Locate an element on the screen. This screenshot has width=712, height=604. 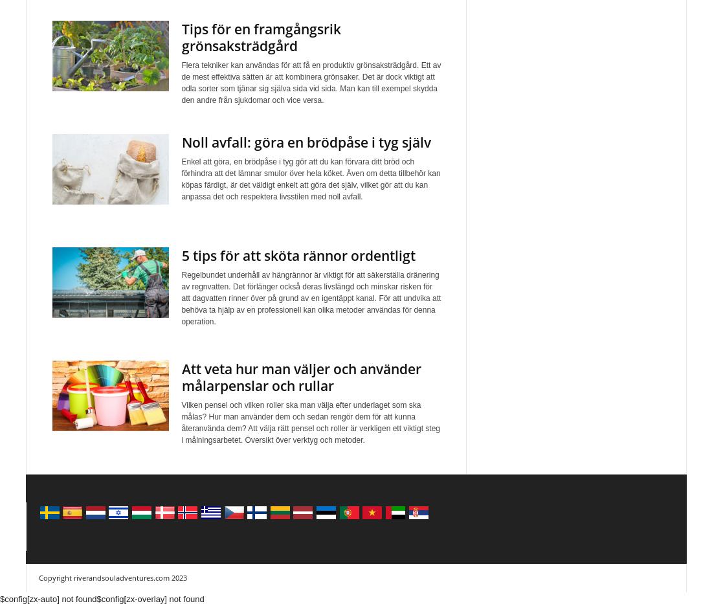
'Copyright riverandsouladventures.com 2023' is located at coordinates (37, 577).